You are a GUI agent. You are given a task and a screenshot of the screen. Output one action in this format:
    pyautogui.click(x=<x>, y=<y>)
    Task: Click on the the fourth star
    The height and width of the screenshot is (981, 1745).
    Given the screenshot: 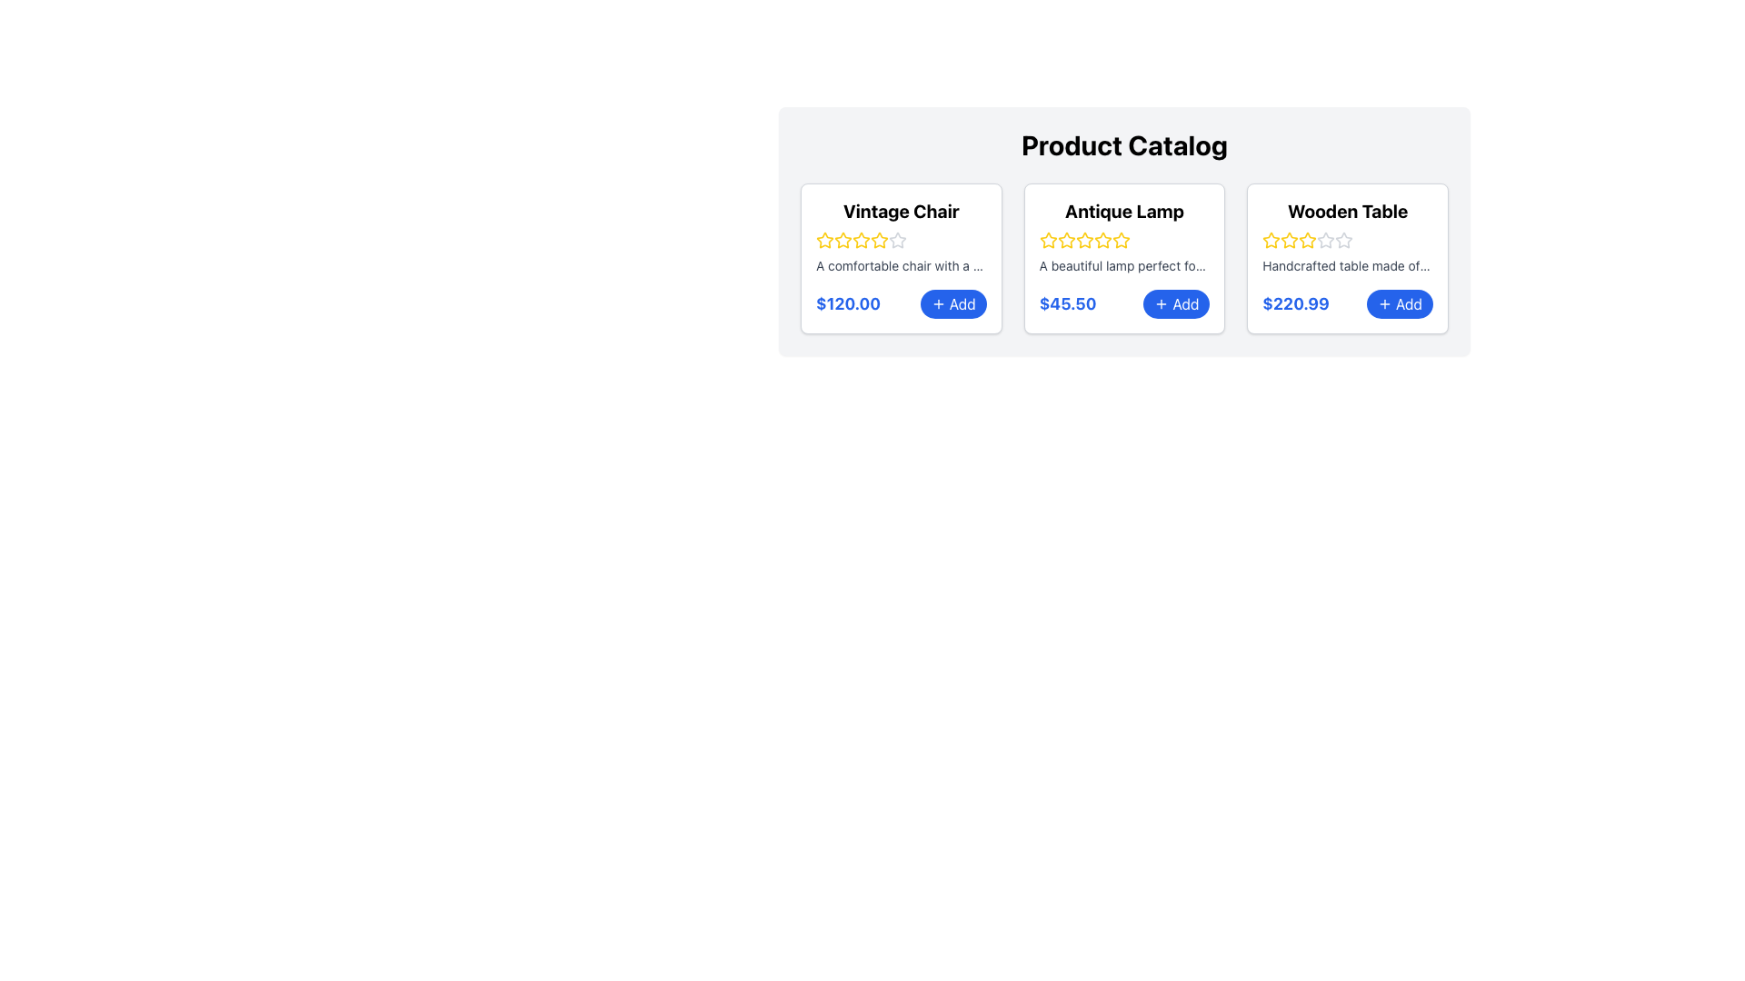 What is the action you would take?
    pyautogui.click(x=1084, y=240)
    